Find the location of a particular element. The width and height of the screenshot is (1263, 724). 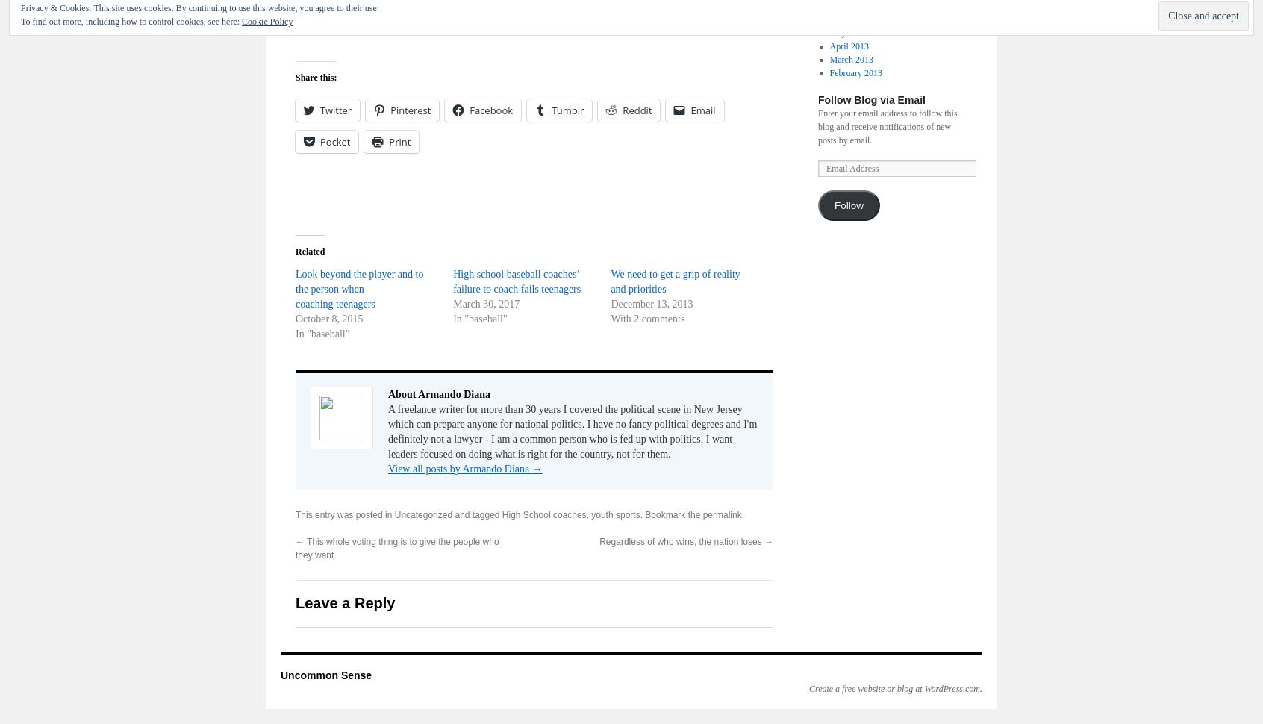

'Uncategorized' is located at coordinates (422, 514).